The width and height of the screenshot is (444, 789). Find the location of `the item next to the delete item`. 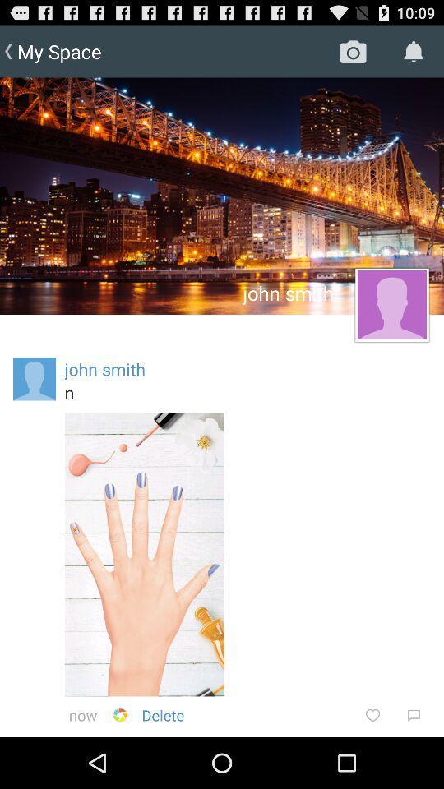

the item next to the delete item is located at coordinates (119, 714).